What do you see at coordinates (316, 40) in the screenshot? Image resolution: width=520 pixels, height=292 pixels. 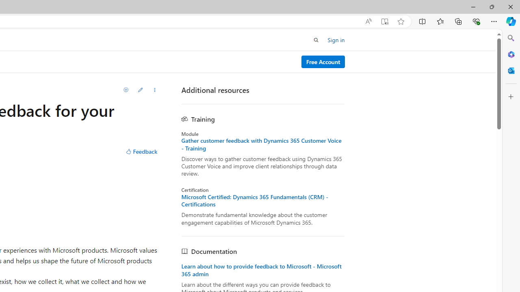 I see `'Open search'` at bounding box center [316, 40].